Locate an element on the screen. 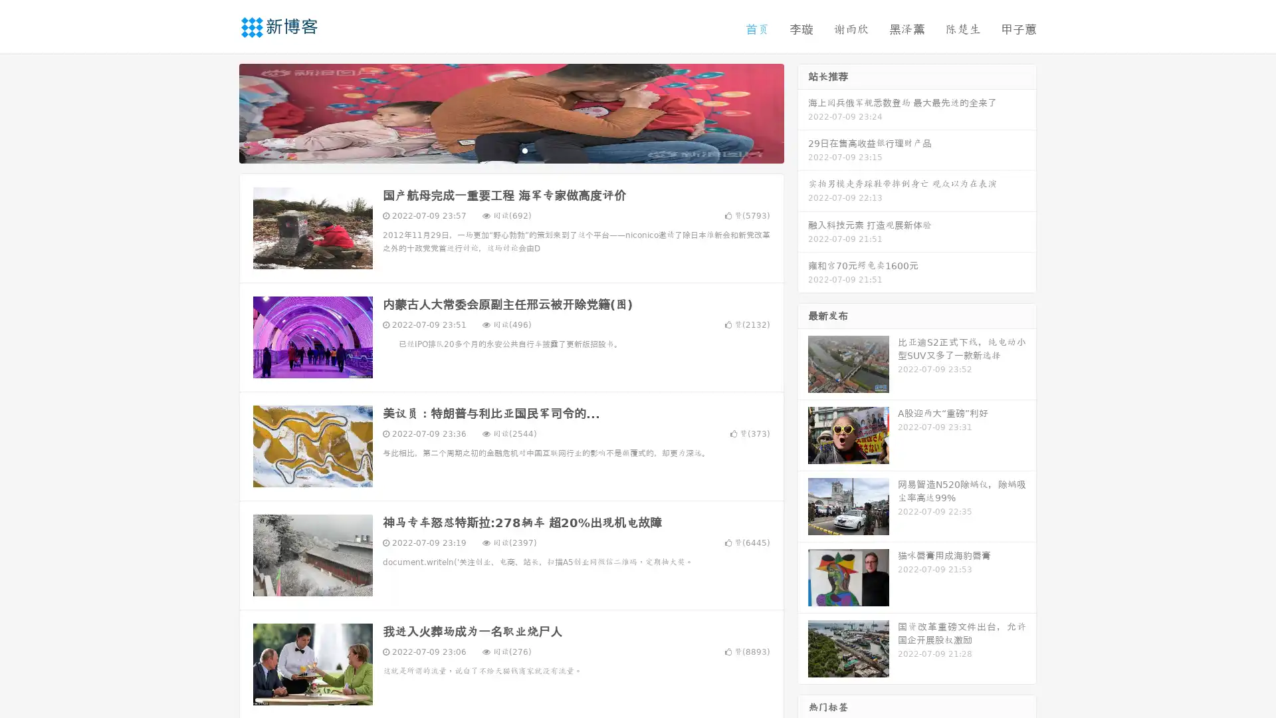 Image resolution: width=1276 pixels, height=718 pixels. Go to slide 1 is located at coordinates (497, 150).